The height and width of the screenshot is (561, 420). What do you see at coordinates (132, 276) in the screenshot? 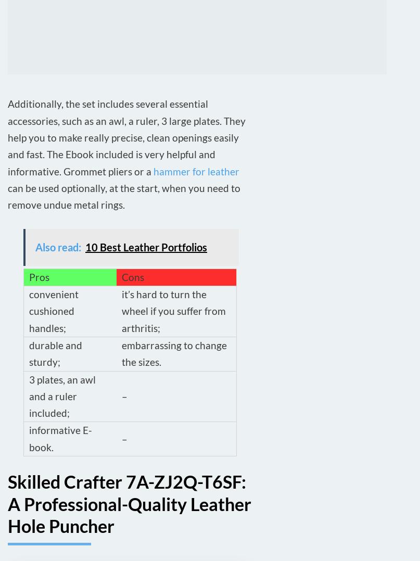
I see `'Cons'` at bounding box center [132, 276].